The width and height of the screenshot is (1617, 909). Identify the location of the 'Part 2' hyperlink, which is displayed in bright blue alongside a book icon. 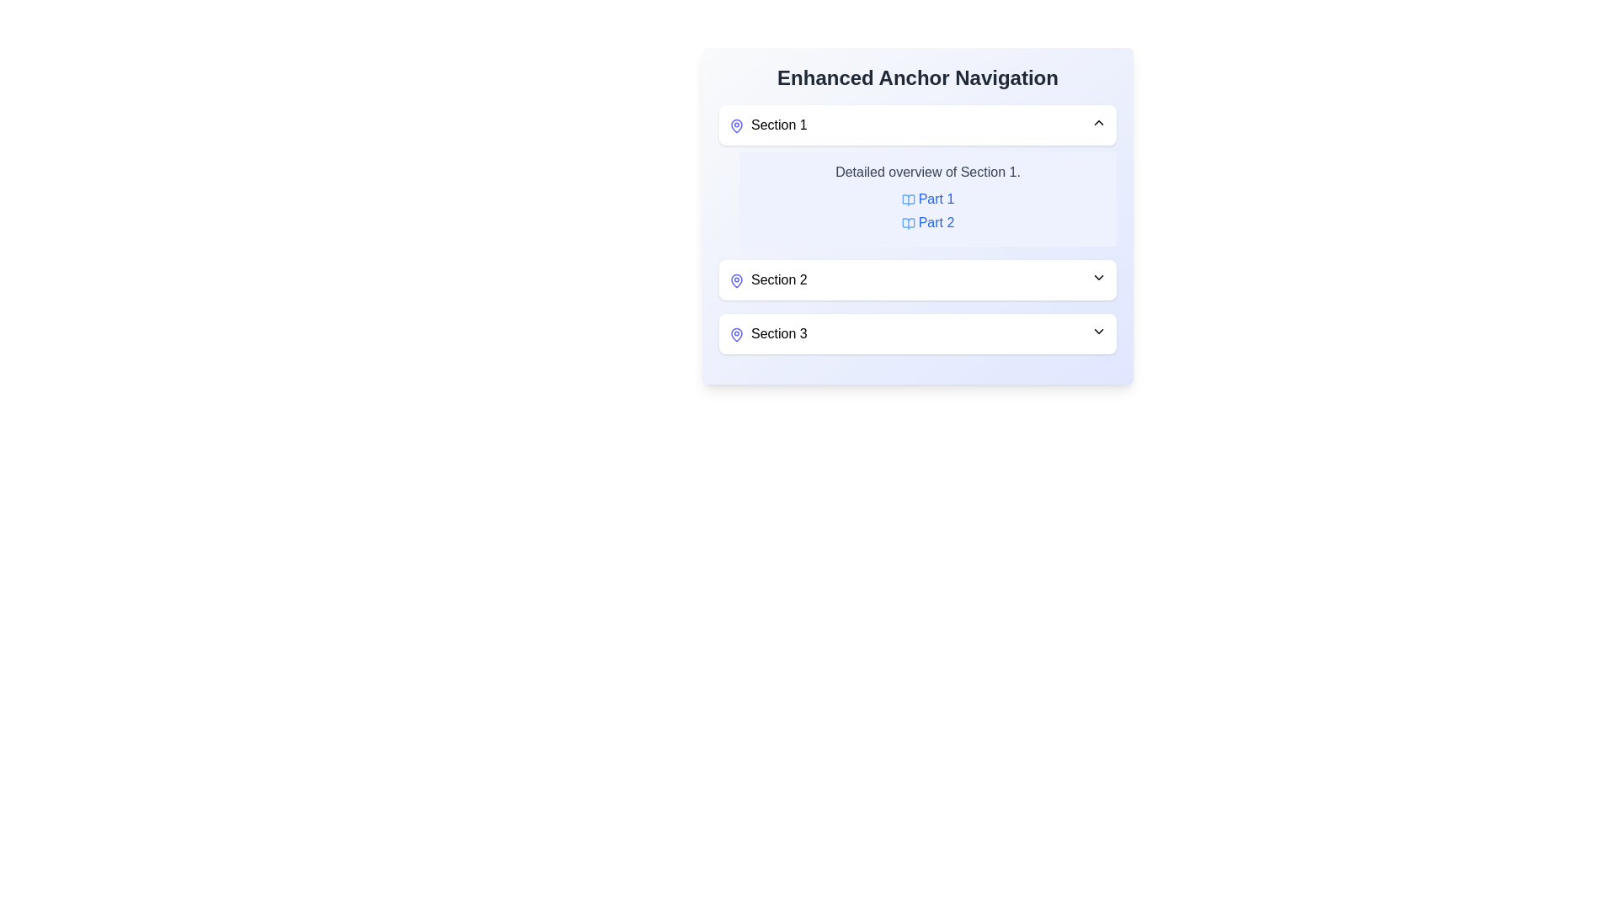
(927, 222).